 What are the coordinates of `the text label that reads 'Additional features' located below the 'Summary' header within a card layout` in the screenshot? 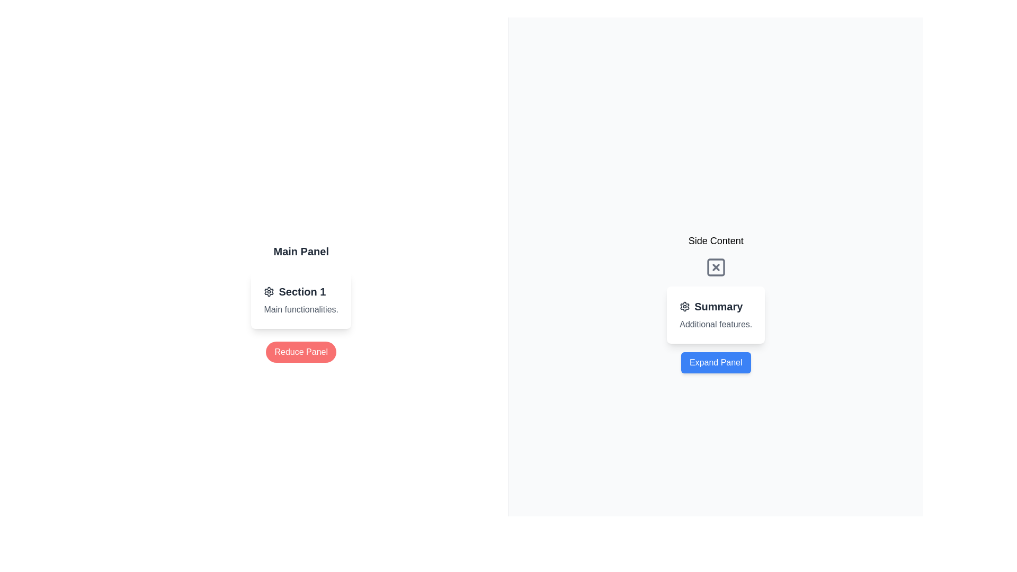 It's located at (716, 324).